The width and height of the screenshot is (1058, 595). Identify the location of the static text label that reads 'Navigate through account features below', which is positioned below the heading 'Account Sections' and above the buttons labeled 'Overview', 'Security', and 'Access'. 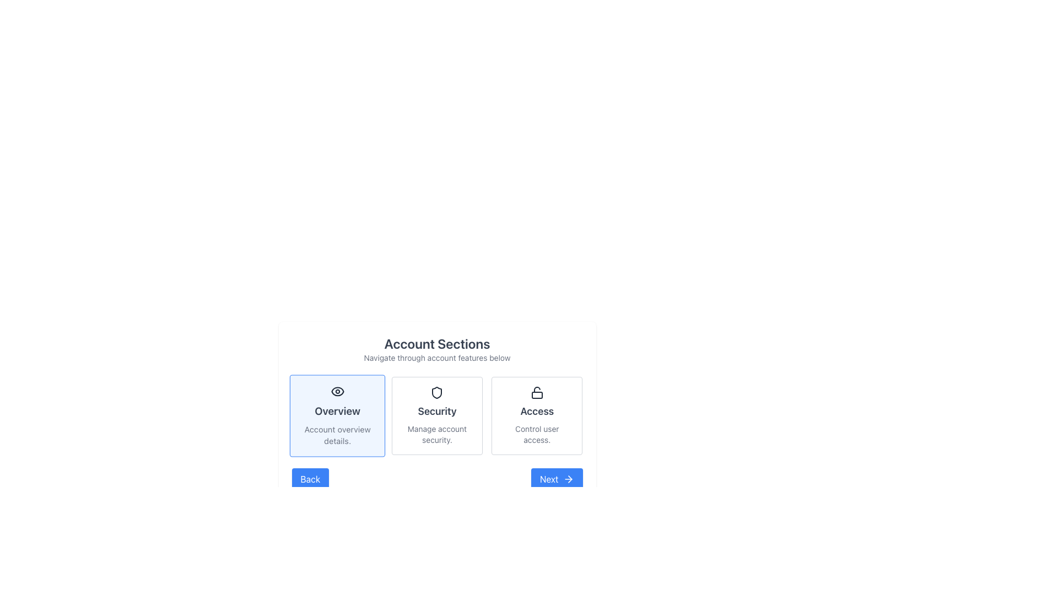
(436, 358).